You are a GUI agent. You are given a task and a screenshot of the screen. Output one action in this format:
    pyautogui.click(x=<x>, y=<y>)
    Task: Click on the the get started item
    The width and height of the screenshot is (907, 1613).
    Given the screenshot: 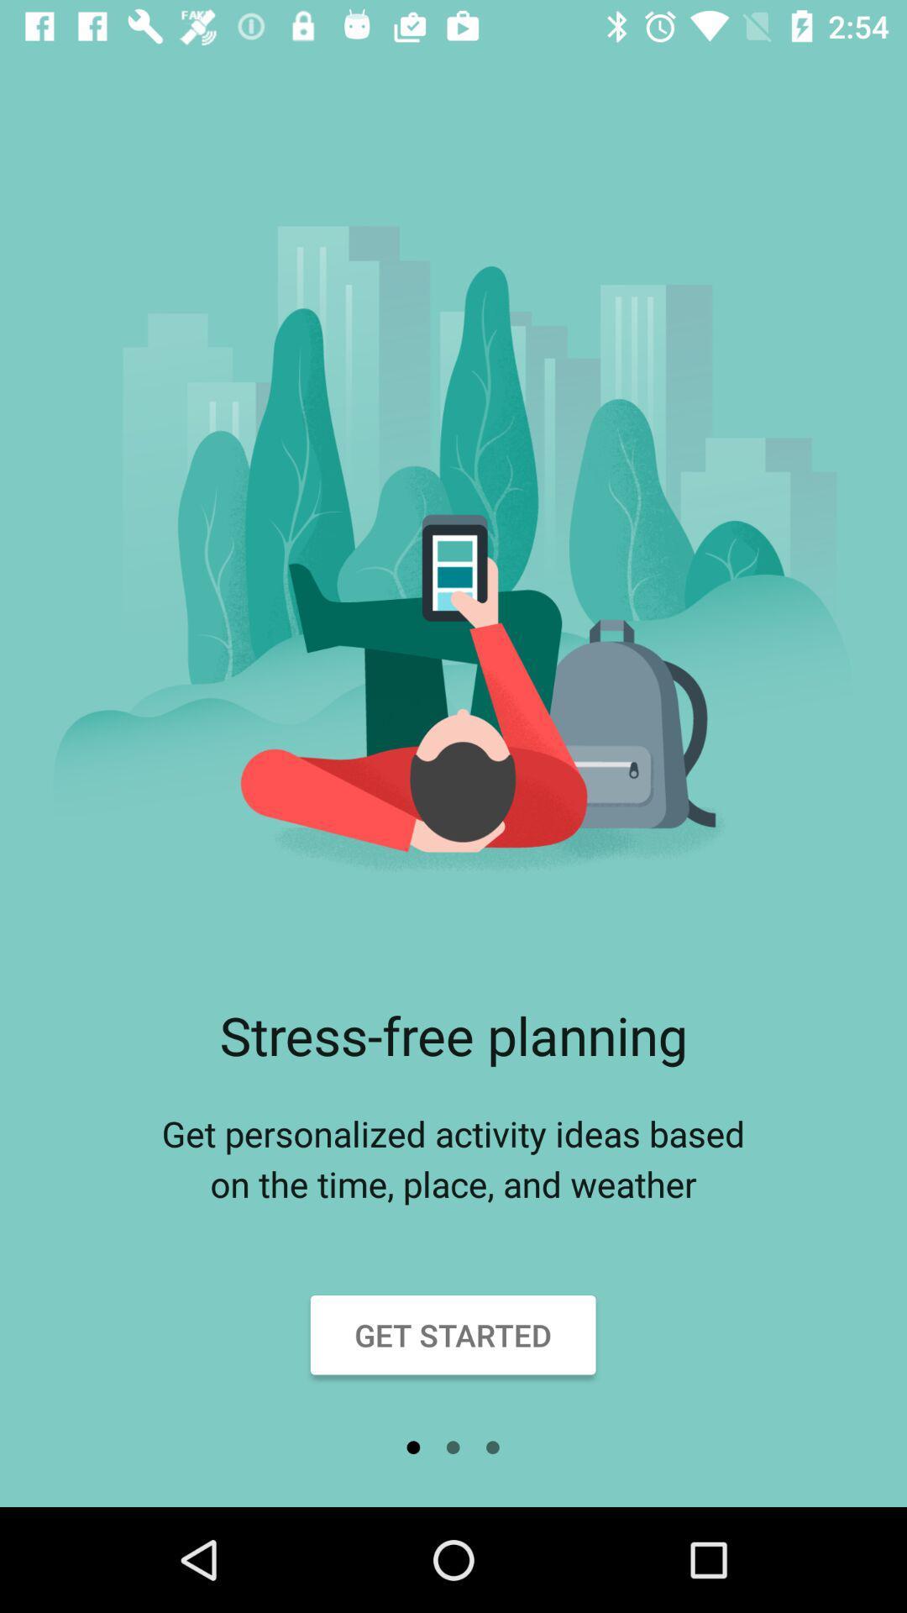 What is the action you would take?
    pyautogui.click(x=452, y=1334)
    